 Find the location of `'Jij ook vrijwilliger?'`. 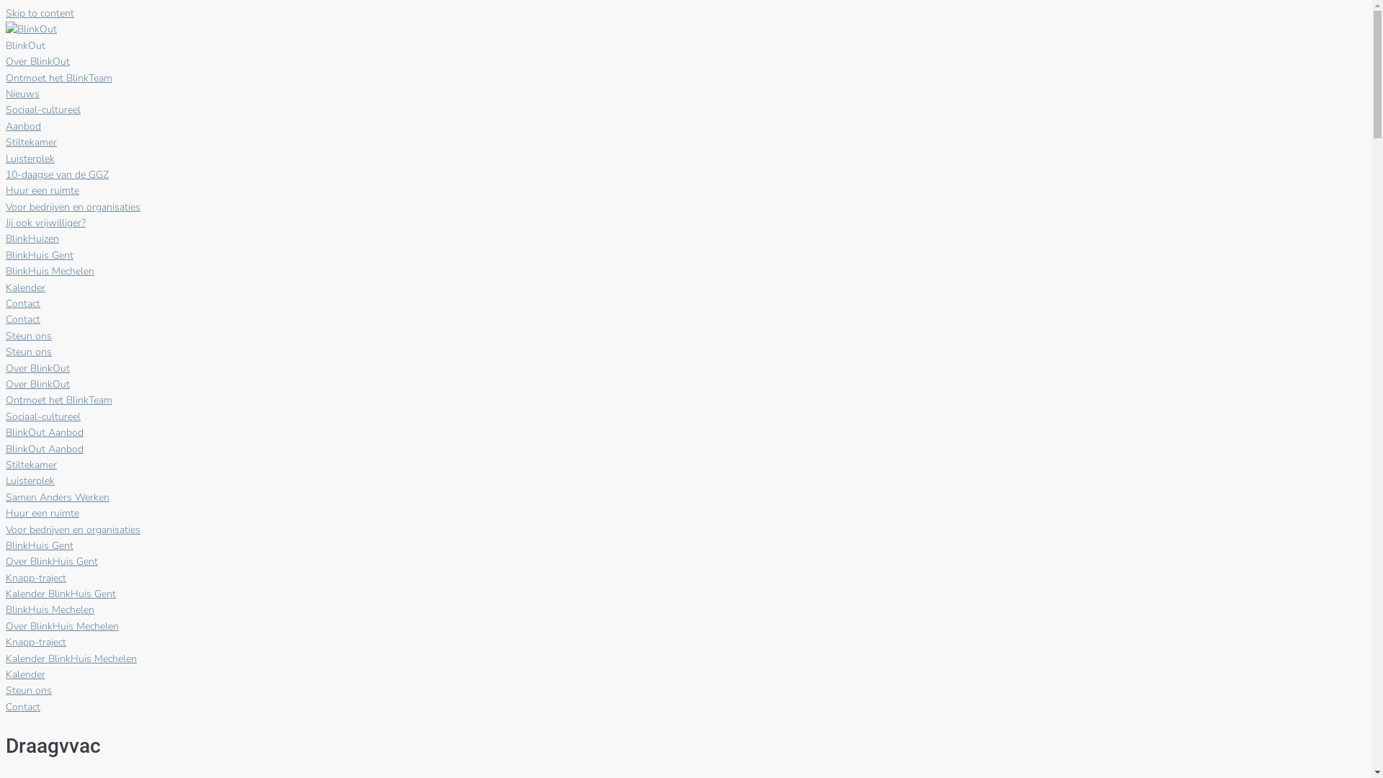

'Jij ook vrijwilliger?' is located at coordinates (45, 223).